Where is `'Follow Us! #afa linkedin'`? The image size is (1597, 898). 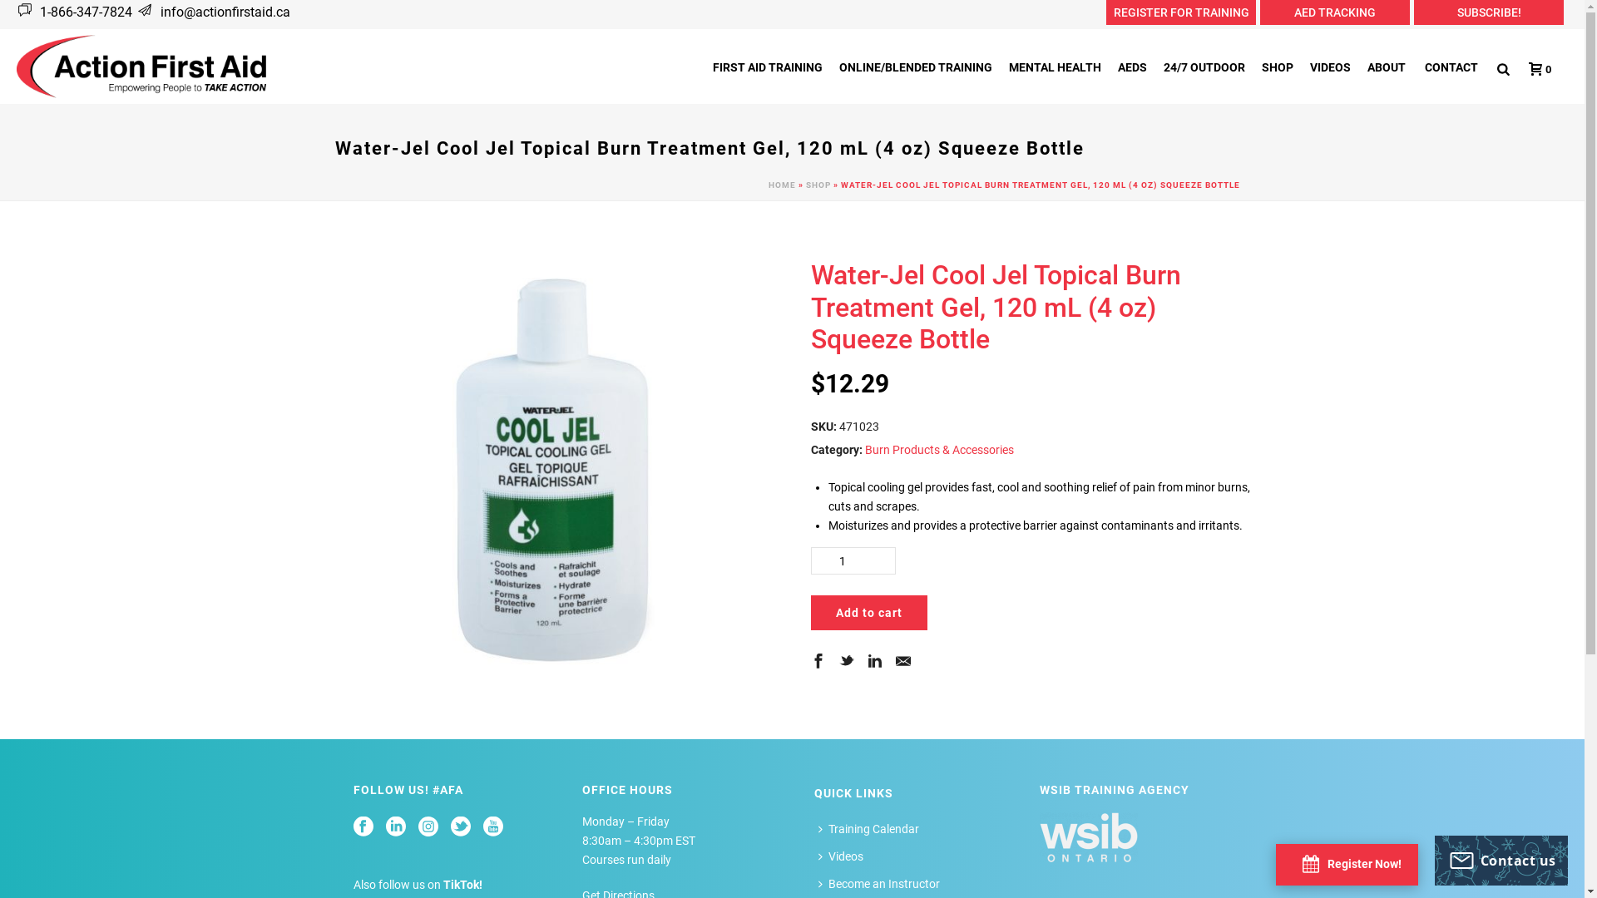 'Follow Us! #afa linkedin' is located at coordinates (385, 827).